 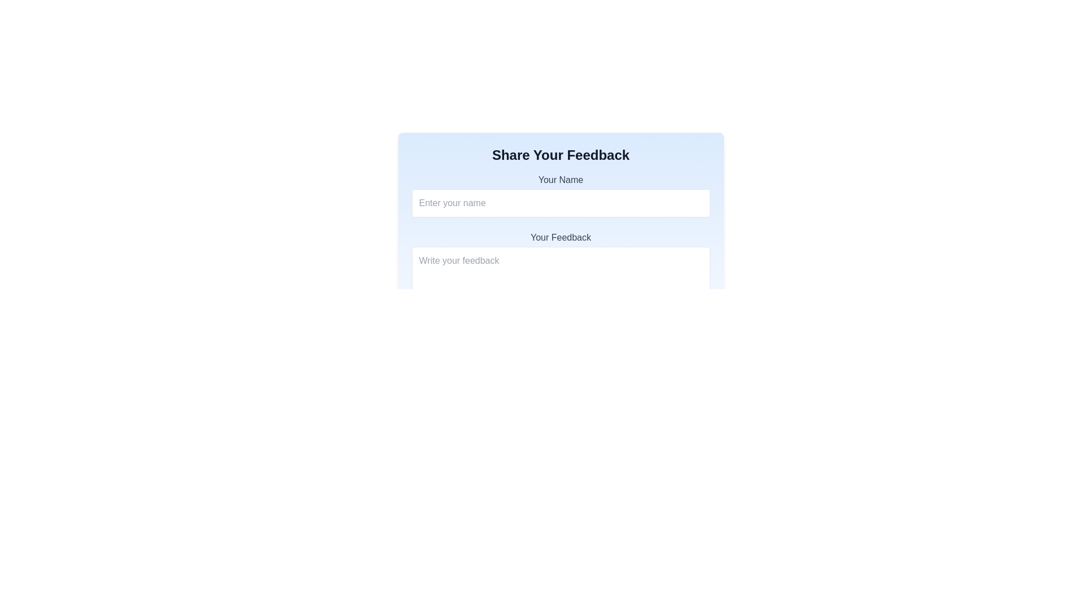 I want to click on label that describes the purpose of the feedback text input field, positioned above it and below the 'Your Name' input, so click(x=561, y=237).